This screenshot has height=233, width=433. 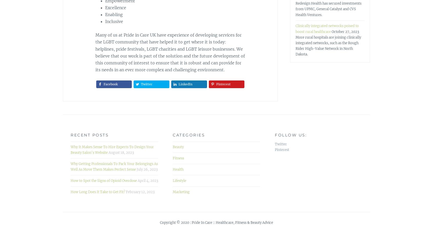 I want to click on 'Health', so click(x=178, y=169).